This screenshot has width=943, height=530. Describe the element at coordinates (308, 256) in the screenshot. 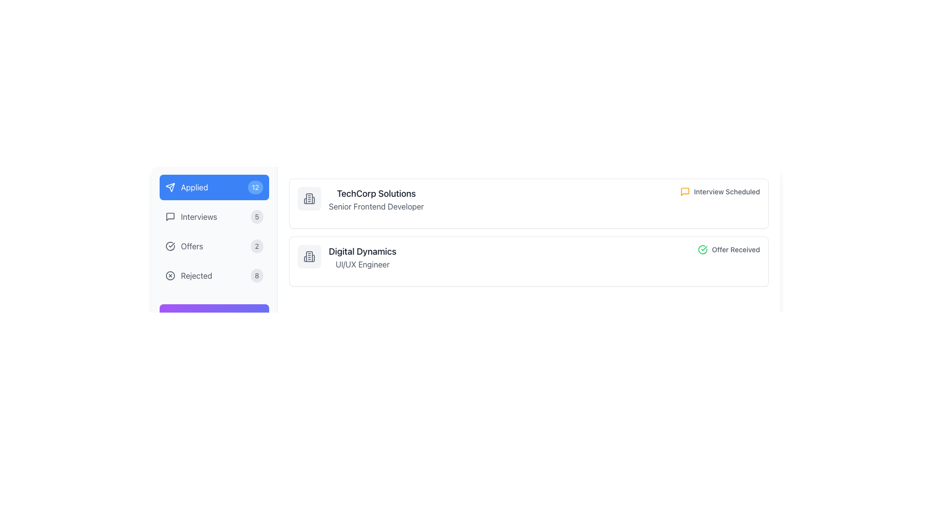

I see `the decorative icon representing a building, which is part of the icon group to the right of the 'Digital Dynamics' list item` at that location.